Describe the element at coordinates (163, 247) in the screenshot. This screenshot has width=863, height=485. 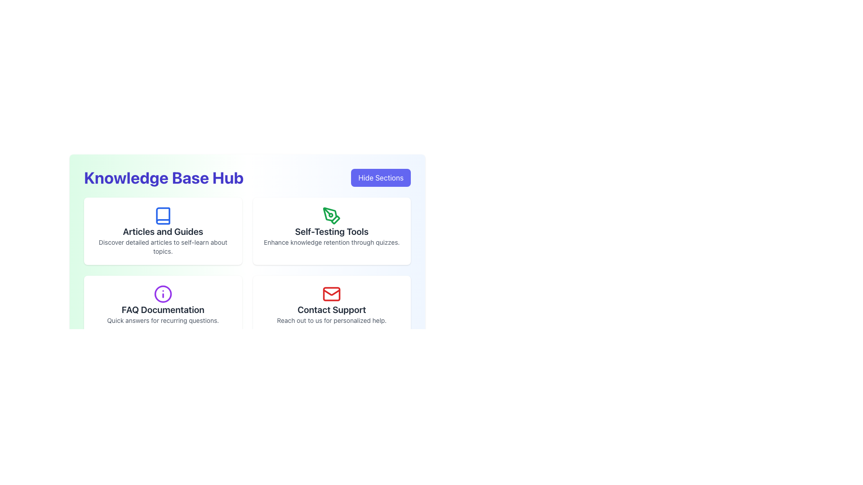
I see `the static text element located below the 'Articles and Guides' header, which provides a description of the resources available in that section` at that location.